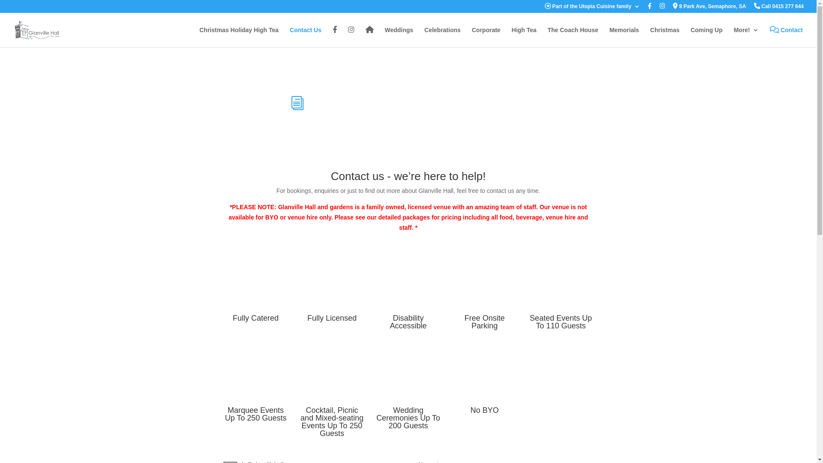 This screenshot has height=463, width=823. Describe the element at coordinates (442, 36) in the screenshot. I see `'Celebrations'` at that location.